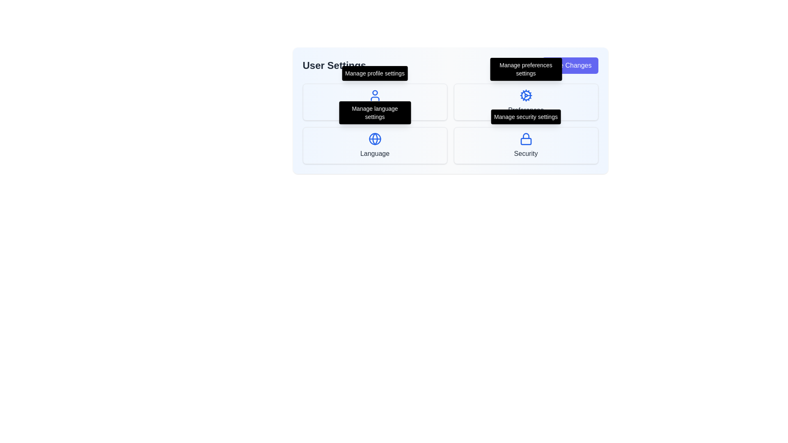  Describe the element at coordinates (524, 92) in the screenshot. I see `the graphical decoration element that is part of the cogwheel icon in the 'Manage preferences settings' section, located in the upper-right quadrant of the display area` at that location.